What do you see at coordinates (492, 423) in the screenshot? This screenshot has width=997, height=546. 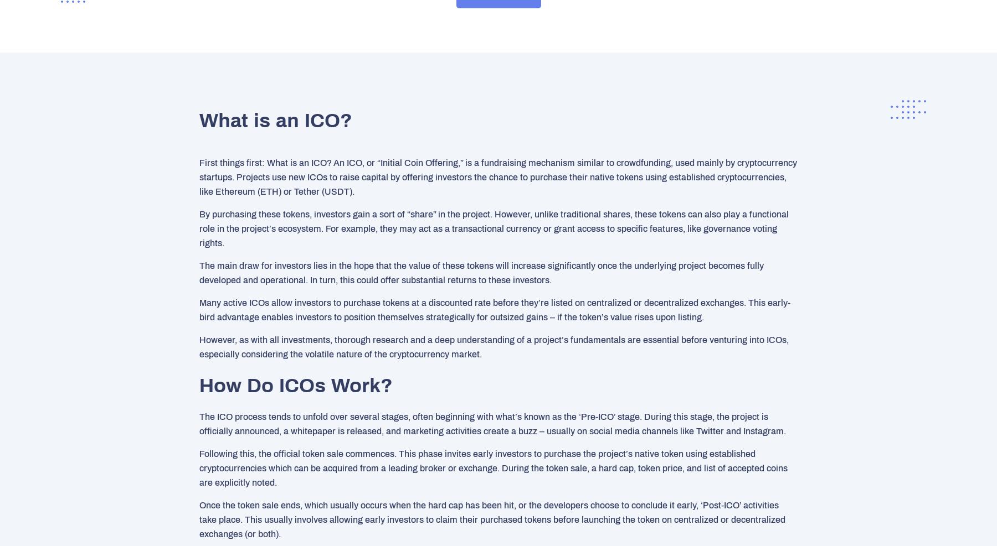 I see `'The ICO process tends to unfold over several stages, often beginning with what’s known as the ‘Pre-ICO’ stage. During this stage, the project is officially announced, a whitepaper is released, and marketing activities create a buzz – usually on social media channels like Twitter and Instagram.'` at bounding box center [492, 423].